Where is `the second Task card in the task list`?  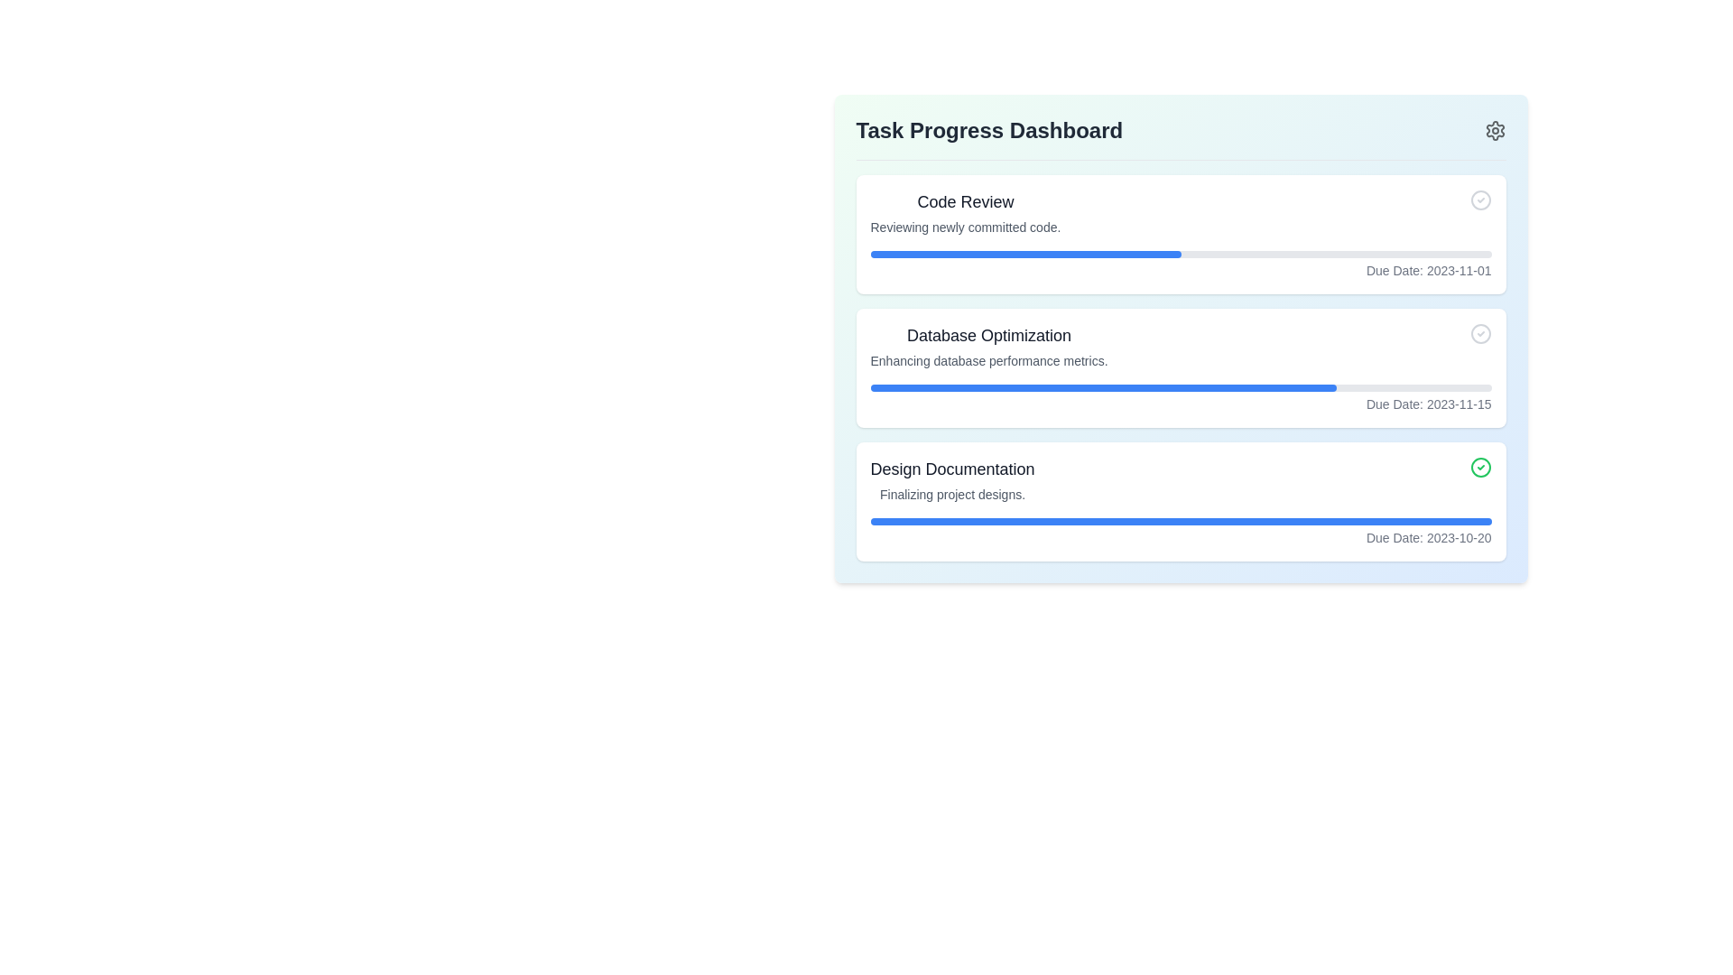
the second Task card in the task list is located at coordinates (1181, 367).